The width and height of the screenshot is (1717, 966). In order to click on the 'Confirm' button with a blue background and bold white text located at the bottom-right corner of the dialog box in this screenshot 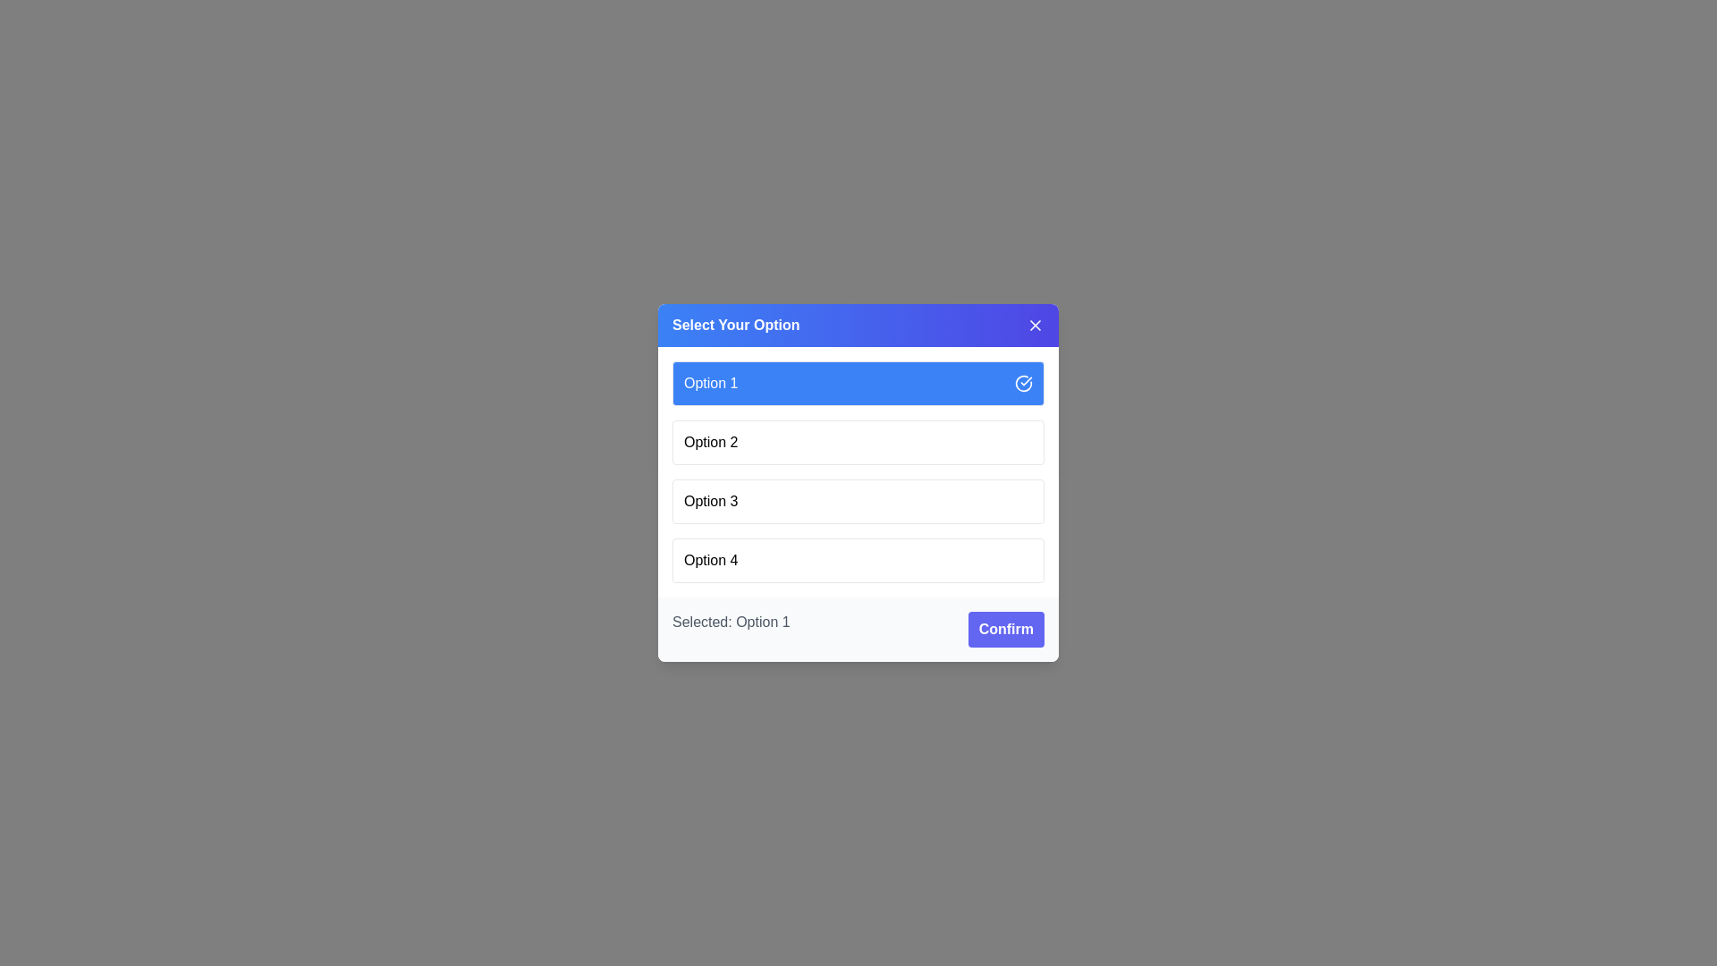, I will do `click(1006, 629)`.